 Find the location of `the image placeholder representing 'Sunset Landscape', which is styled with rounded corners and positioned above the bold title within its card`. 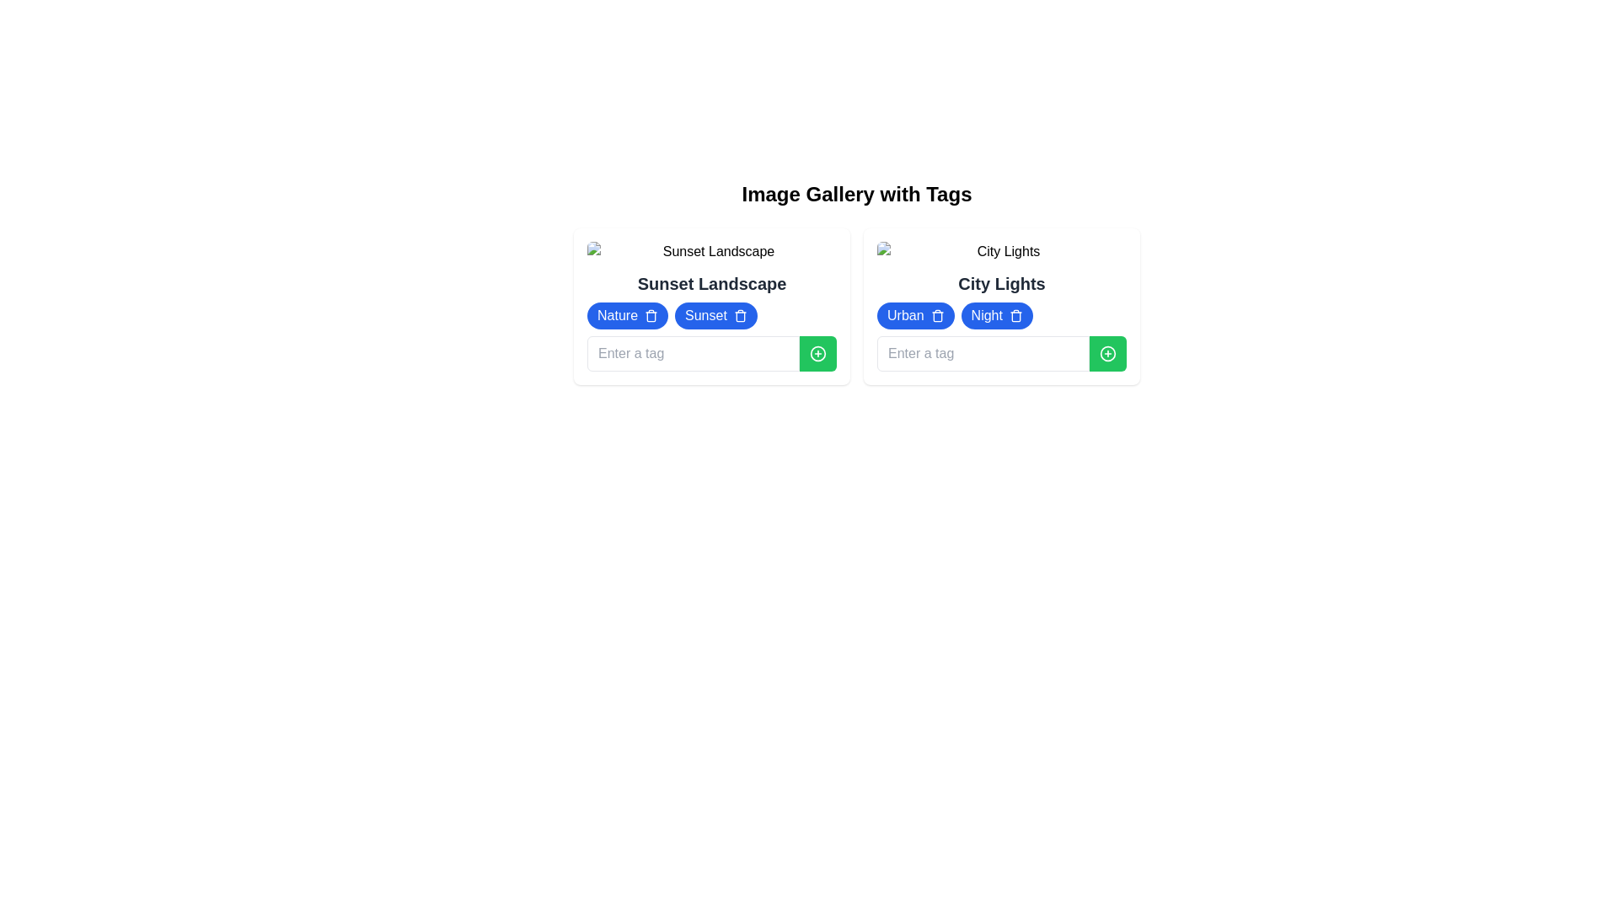

the image placeholder representing 'Sunset Landscape', which is styled with rounded corners and positioned above the bold title within its card is located at coordinates (711, 252).